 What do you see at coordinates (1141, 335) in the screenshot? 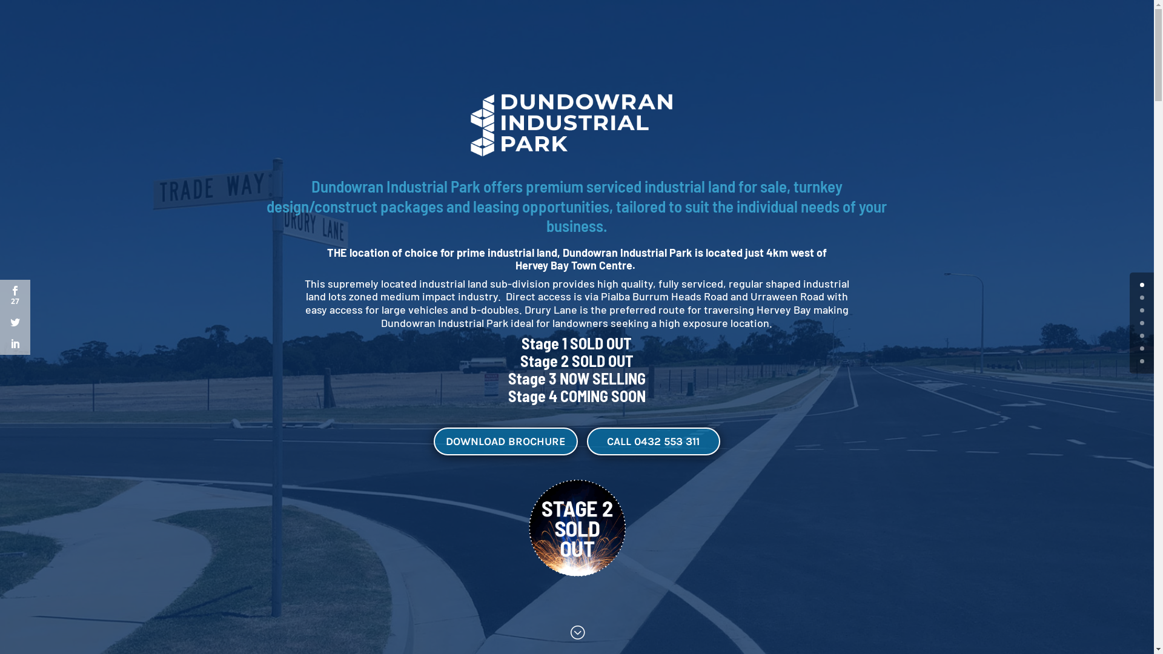
I see `'4'` at bounding box center [1141, 335].